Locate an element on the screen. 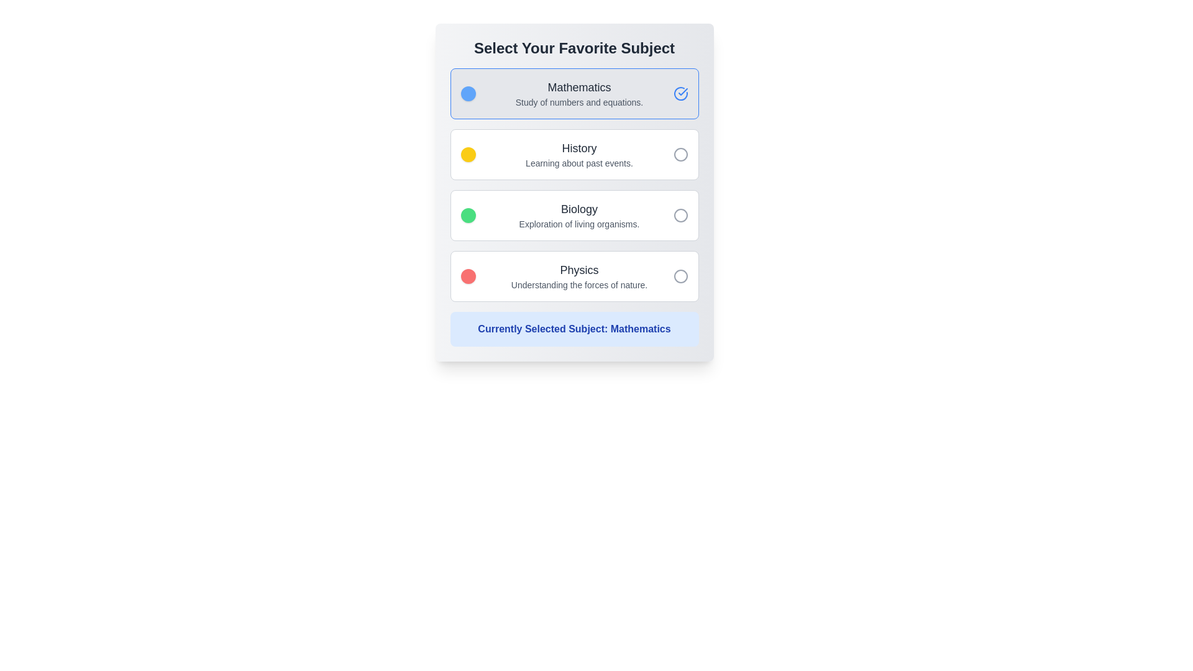  the text block displaying 'Understanding the forces of nature.' which is located beneath the title 'Physics' in a vertical list of subject categories is located at coordinates (578, 285).